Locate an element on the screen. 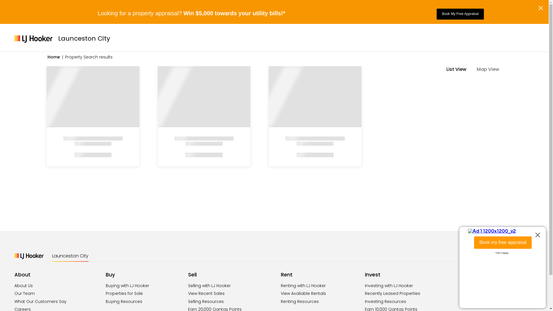 Image resolution: width=553 pixels, height=311 pixels. 'Renting with LJ Hooker' is located at coordinates (303, 285).